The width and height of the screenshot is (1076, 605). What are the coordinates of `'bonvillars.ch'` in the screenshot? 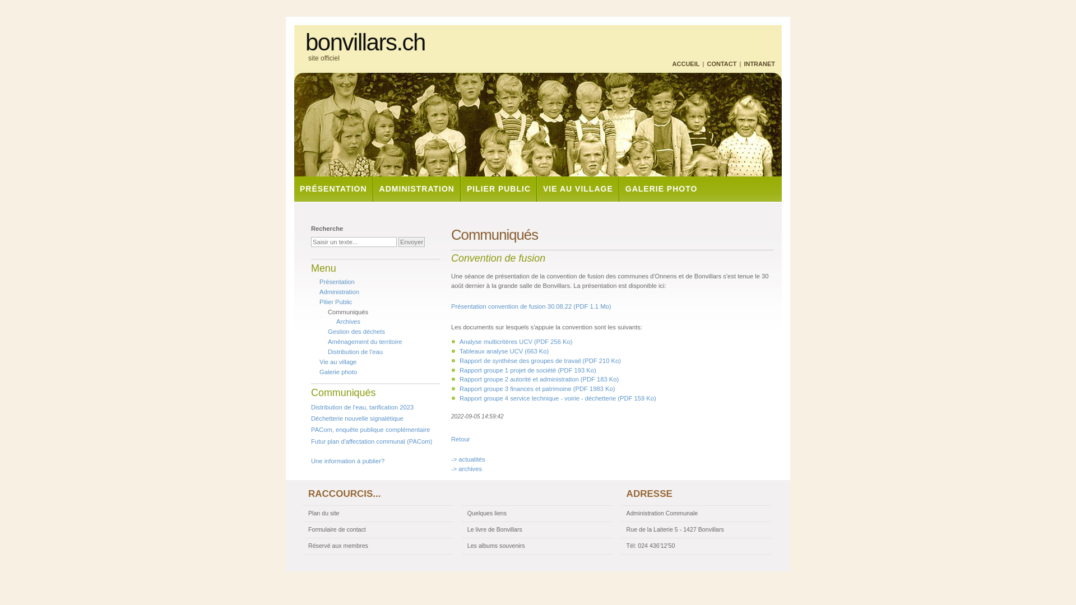 It's located at (365, 42).